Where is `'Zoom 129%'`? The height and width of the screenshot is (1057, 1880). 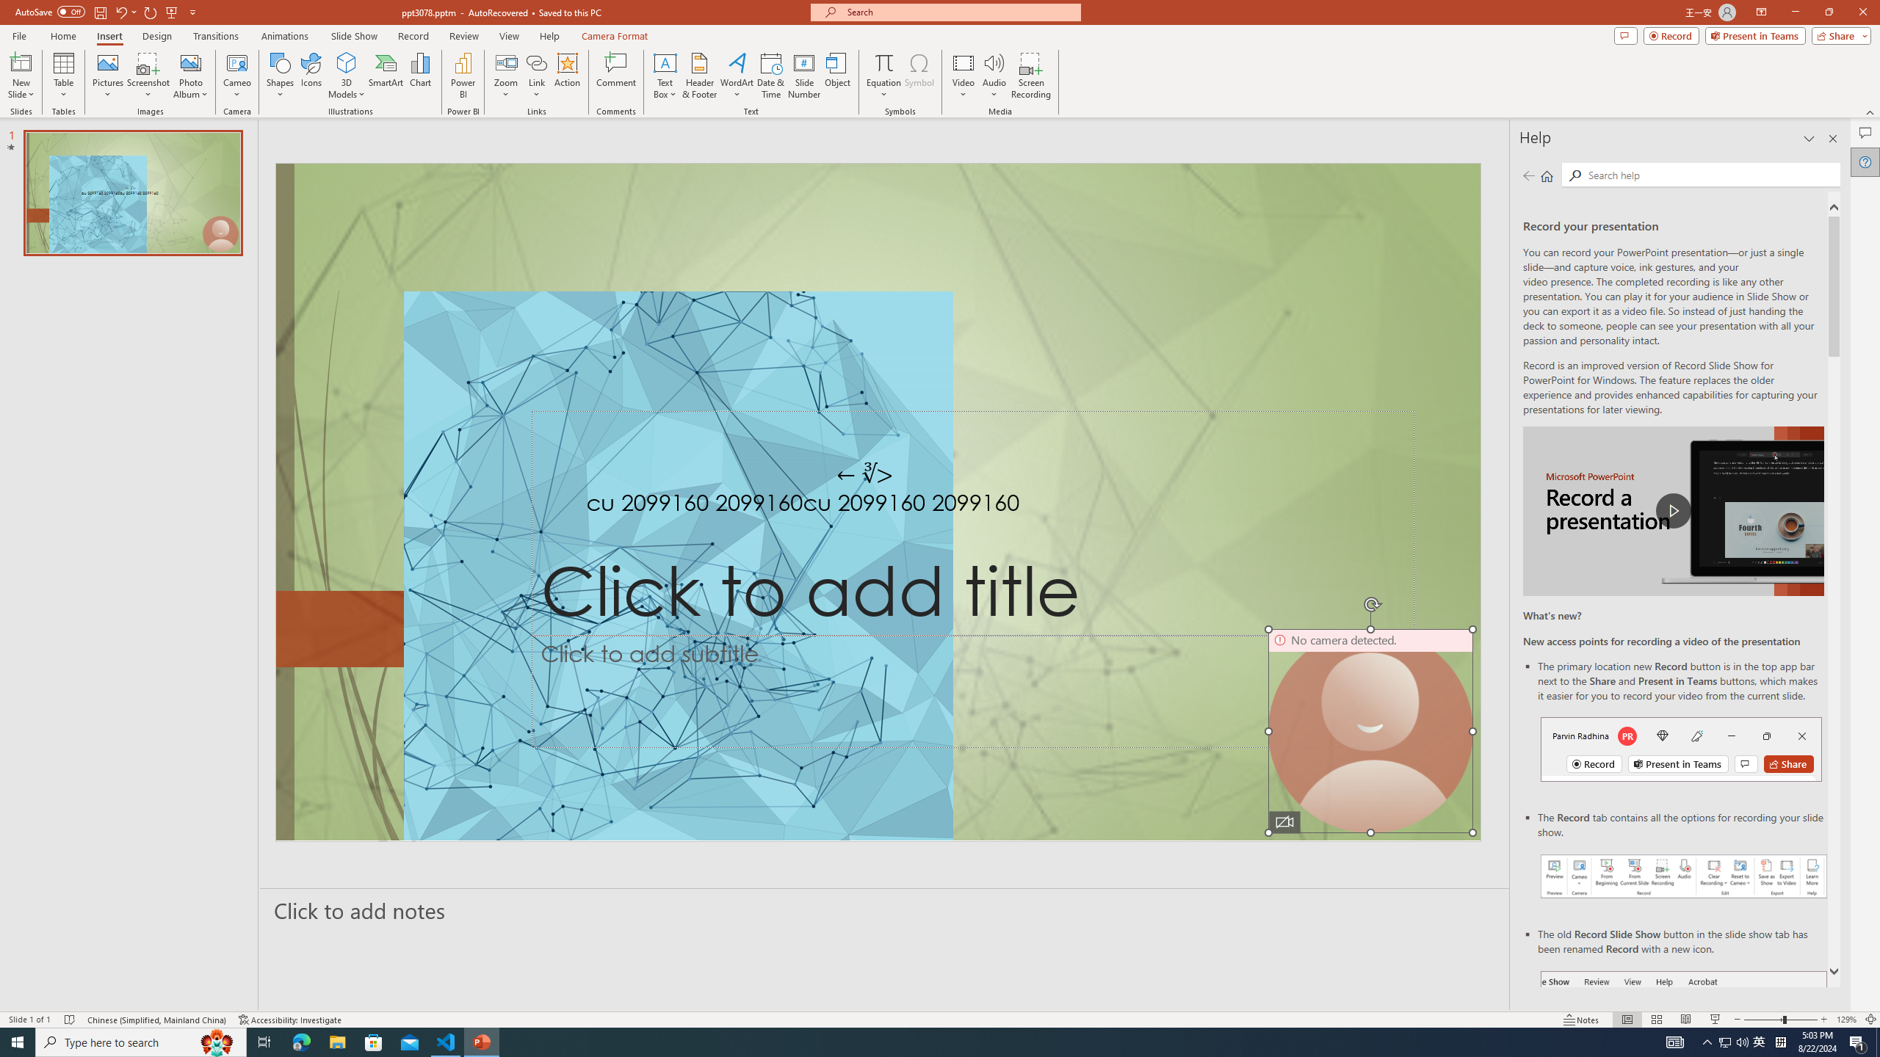 'Zoom 129%' is located at coordinates (1847, 1020).